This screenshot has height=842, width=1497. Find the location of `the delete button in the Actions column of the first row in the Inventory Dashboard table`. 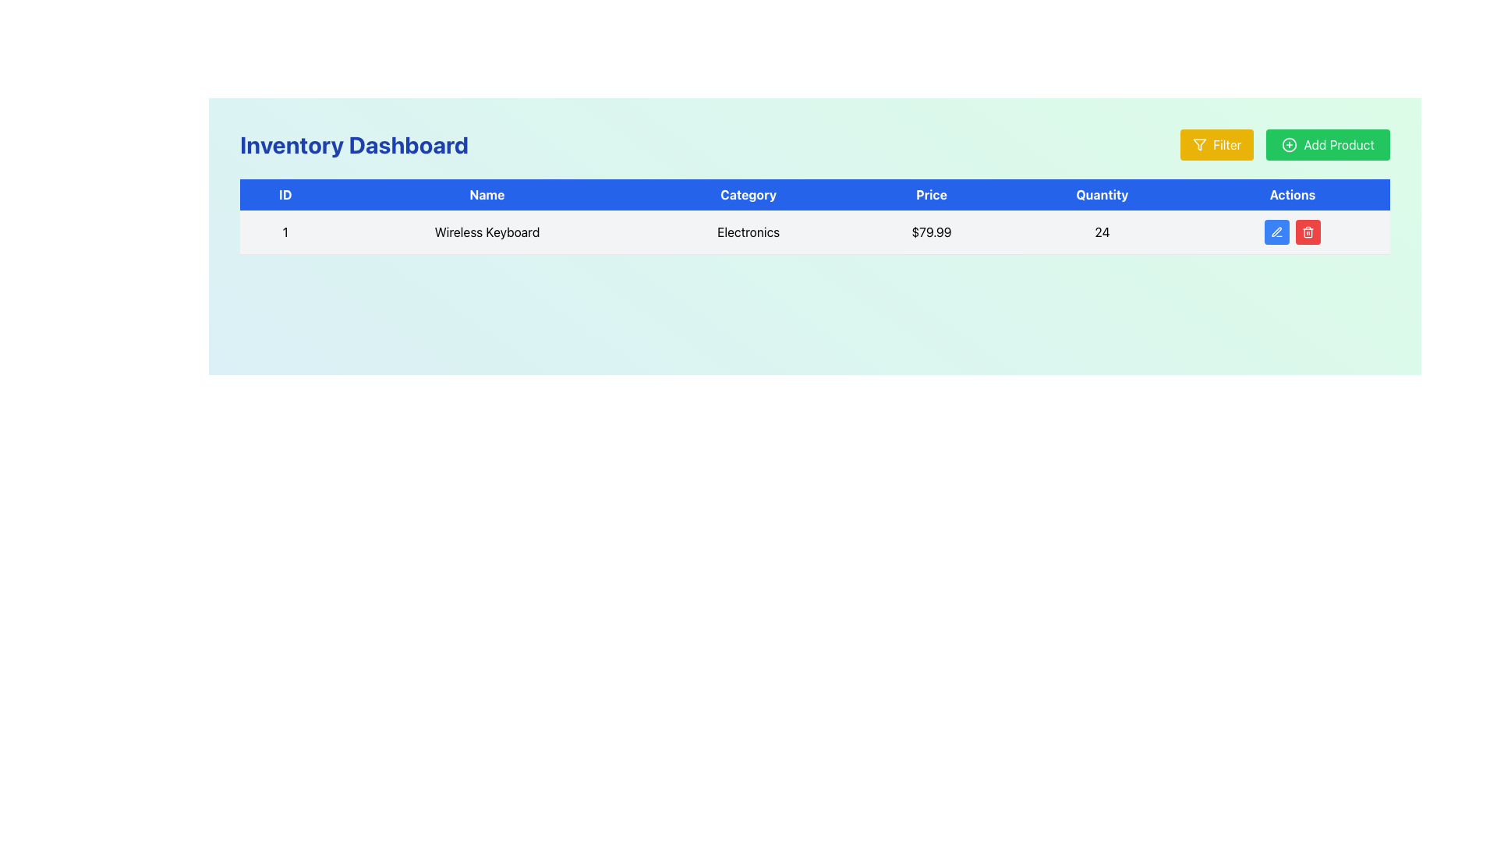

the delete button in the Actions column of the first row in the Inventory Dashboard table is located at coordinates (1292, 232).